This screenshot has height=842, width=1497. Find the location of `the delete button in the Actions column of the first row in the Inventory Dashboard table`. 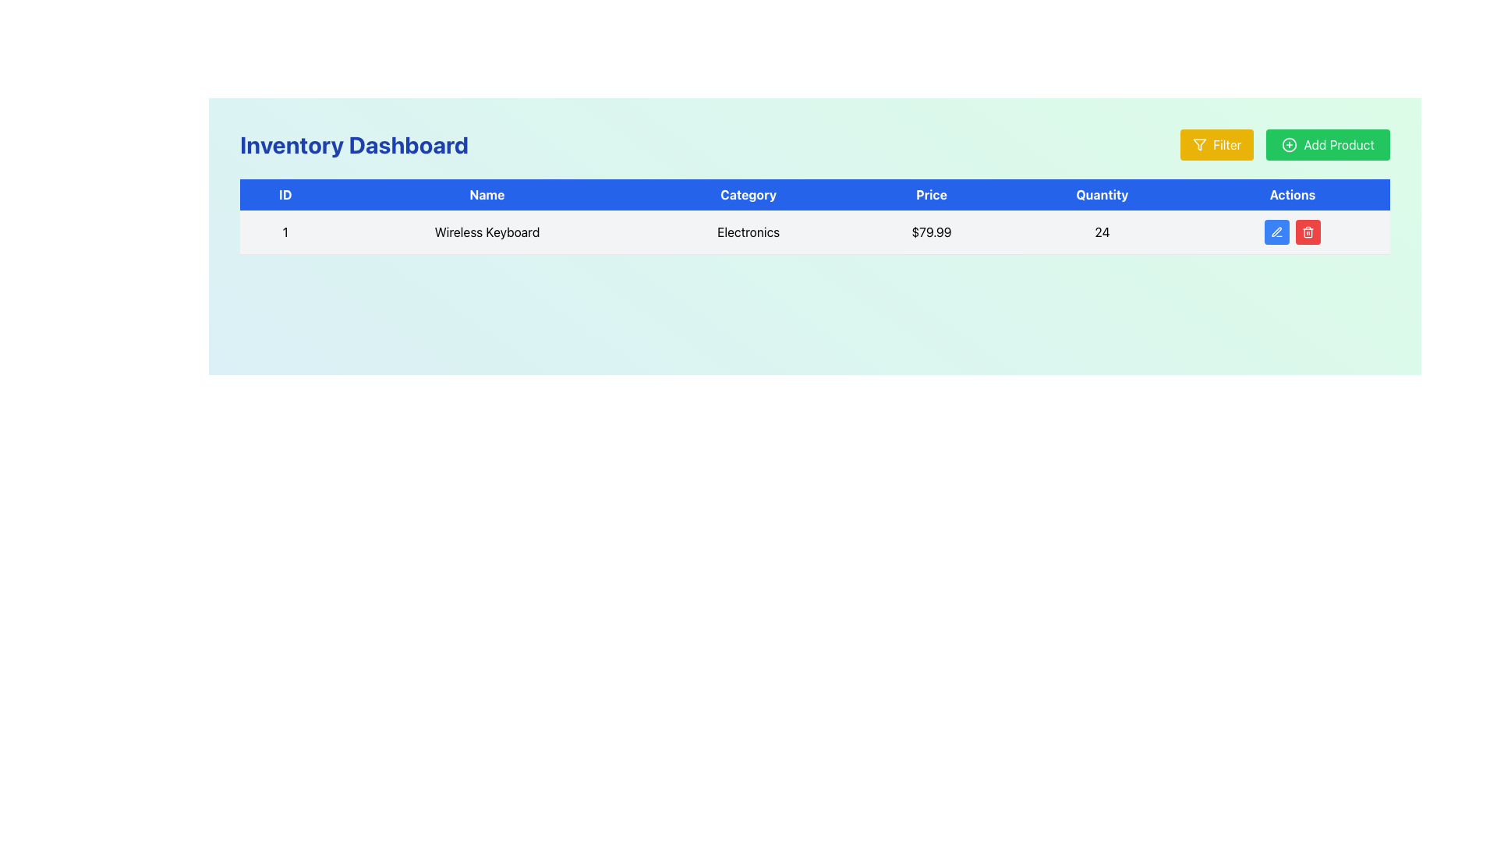

the delete button in the Actions column of the first row in the Inventory Dashboard table is located at coordinates (1292, 232).